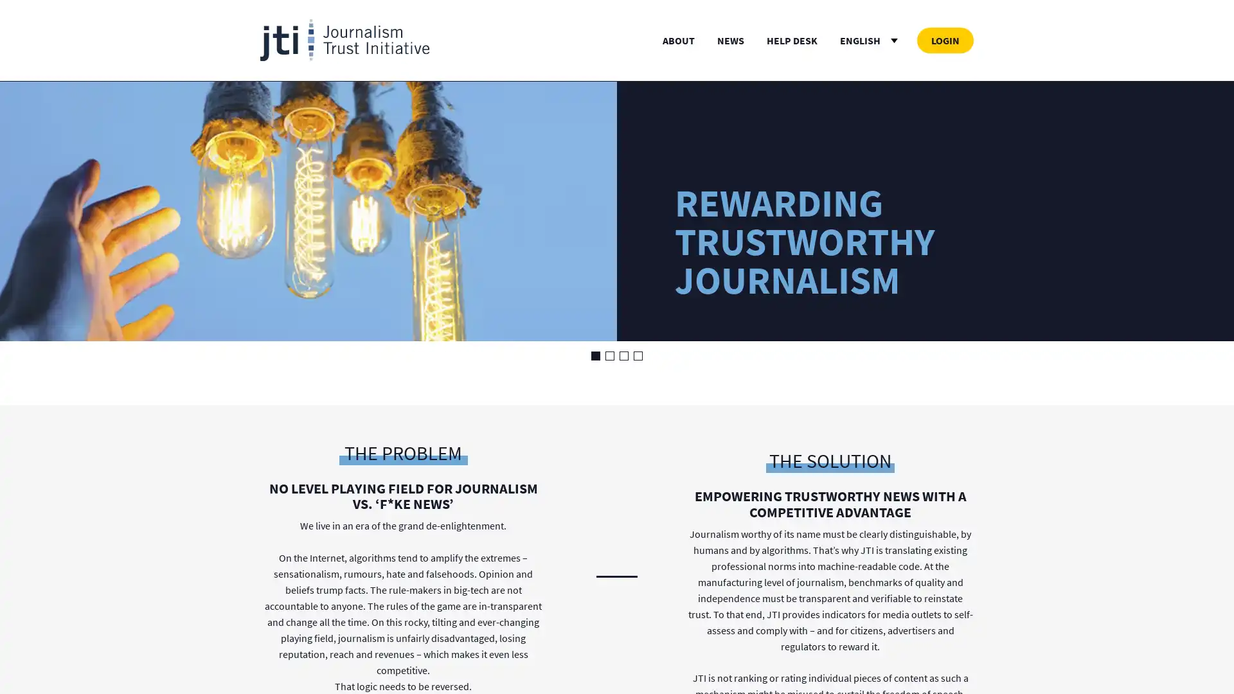  Describe the element at coordinates (638, 356) in the screenshot. I see `Go to slide 4` at that location.